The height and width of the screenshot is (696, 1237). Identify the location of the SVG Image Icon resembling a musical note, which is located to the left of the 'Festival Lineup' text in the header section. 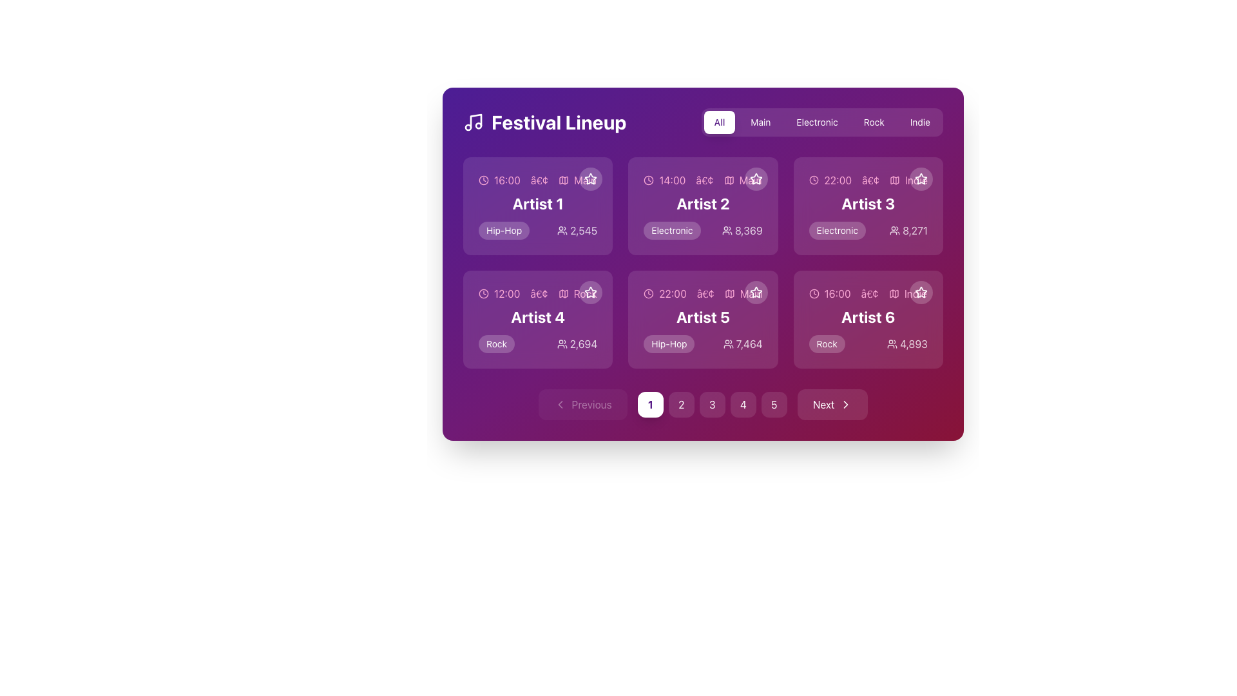
(475, 121).